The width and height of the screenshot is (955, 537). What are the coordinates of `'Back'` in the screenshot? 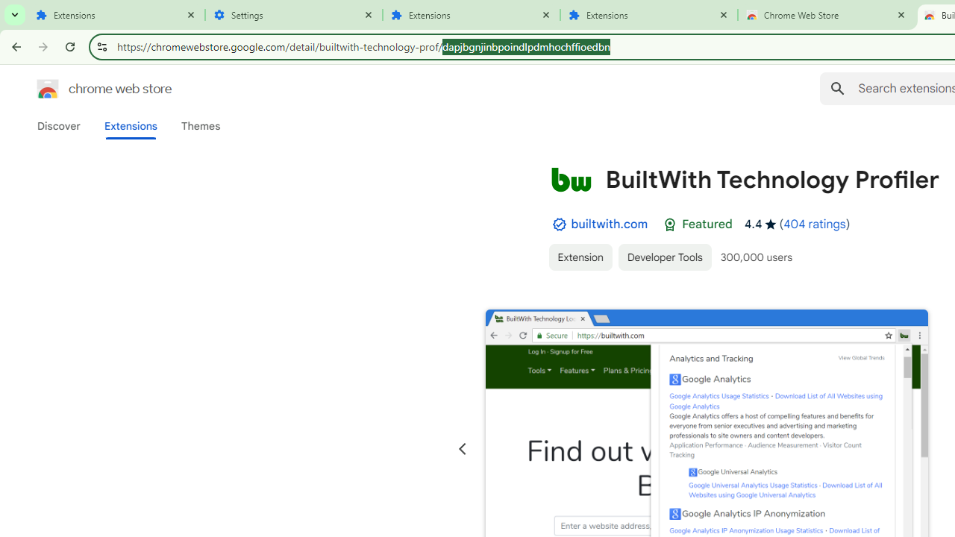 It's located at (14, 45).